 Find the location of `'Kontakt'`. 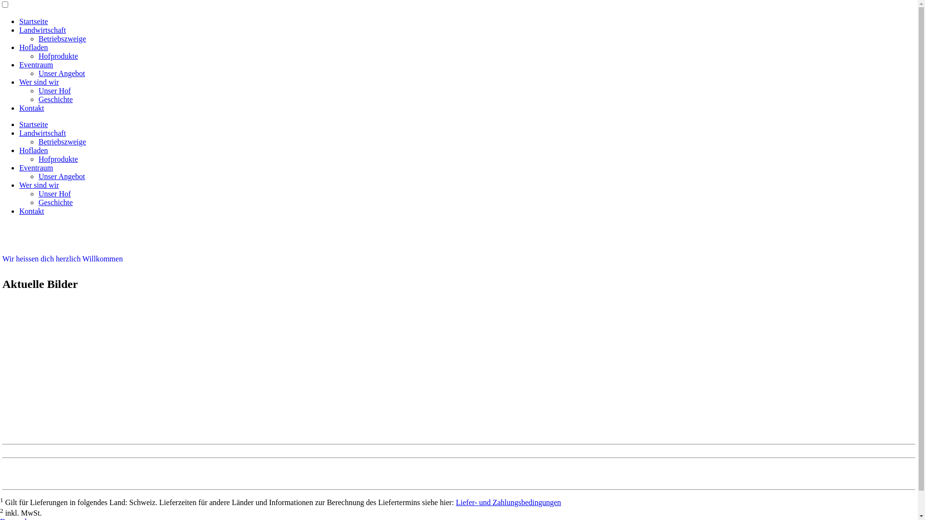

'Kontakt' is located at coordinates (32, 210).